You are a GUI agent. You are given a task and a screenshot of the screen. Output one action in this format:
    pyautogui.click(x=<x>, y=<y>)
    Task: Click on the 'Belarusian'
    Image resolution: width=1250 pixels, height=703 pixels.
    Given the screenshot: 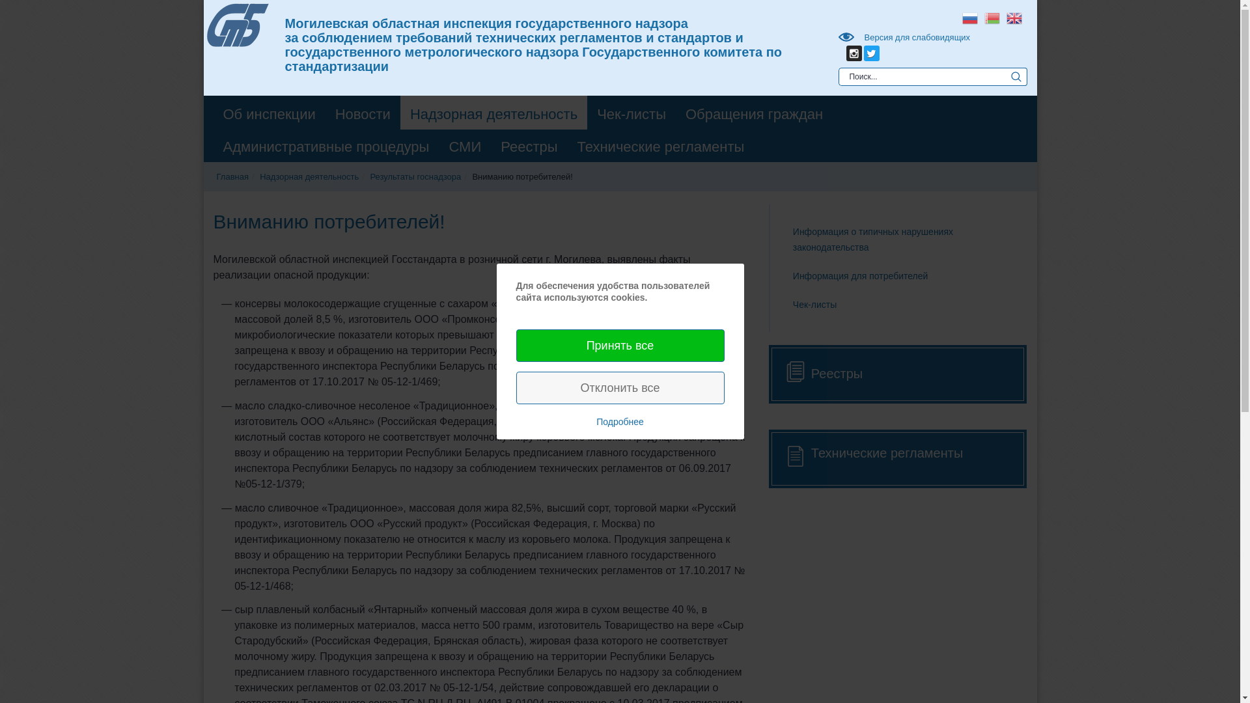 What is the action you would take?
    pyautogui.click(x=980, y=17)
    